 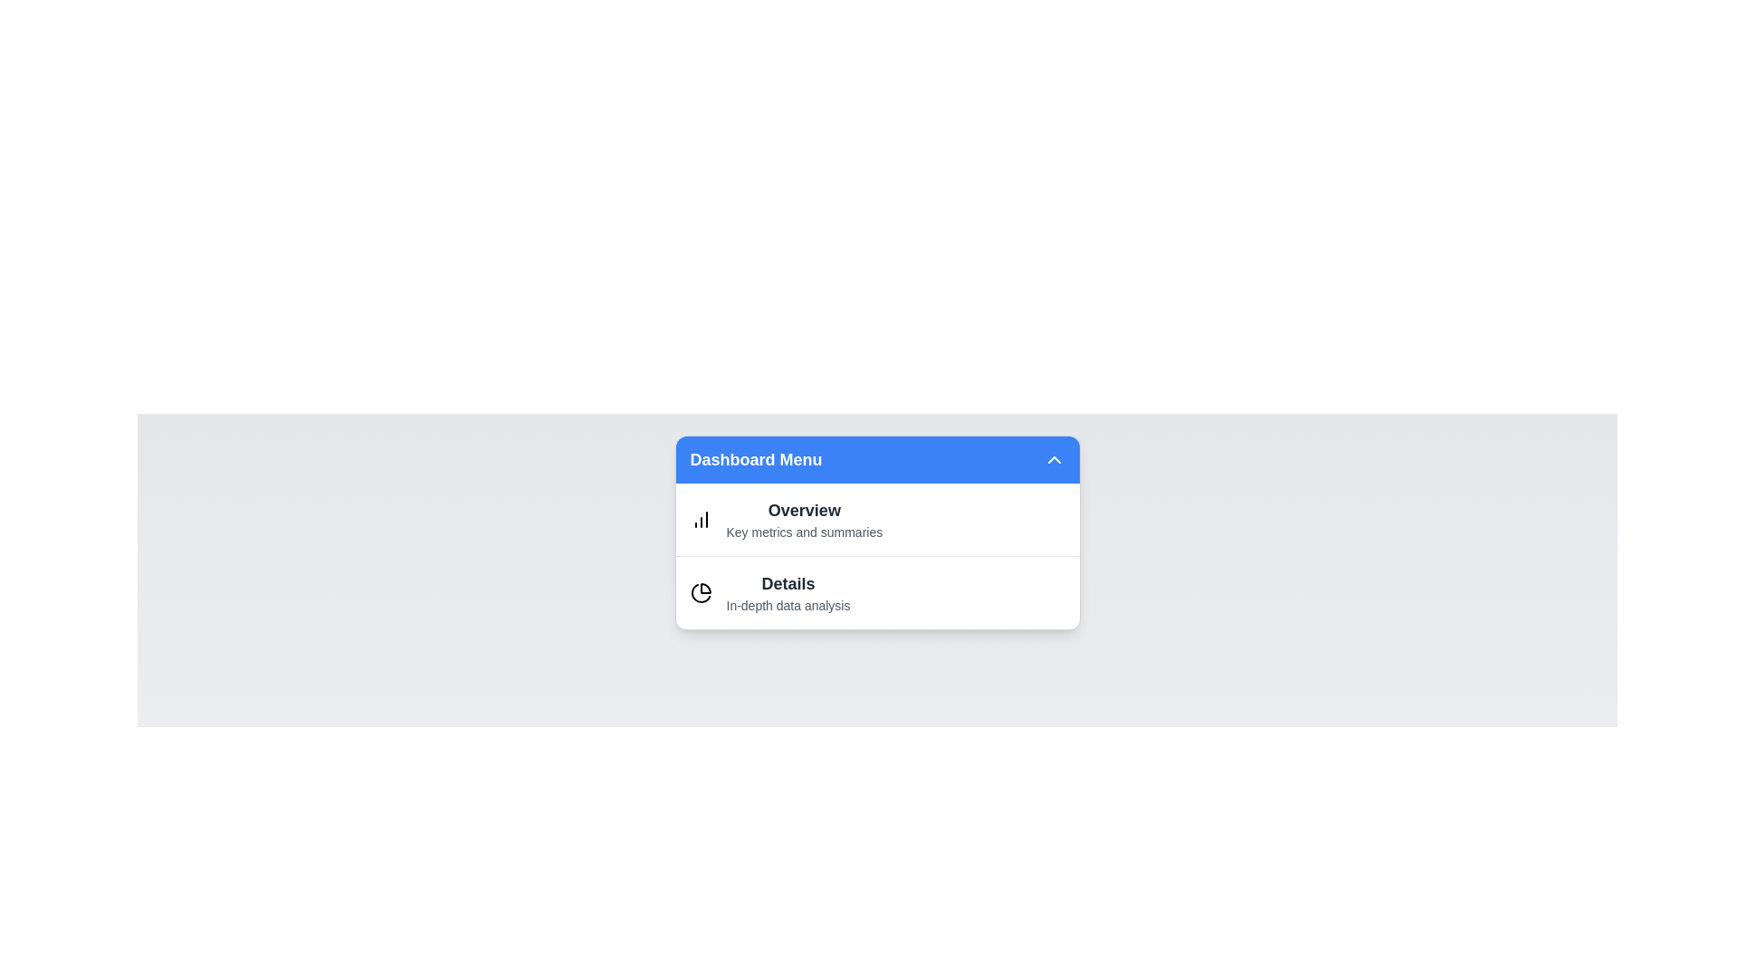 I want to click on the menu header to toggle the menu visibility, so click(x=877, y=459).